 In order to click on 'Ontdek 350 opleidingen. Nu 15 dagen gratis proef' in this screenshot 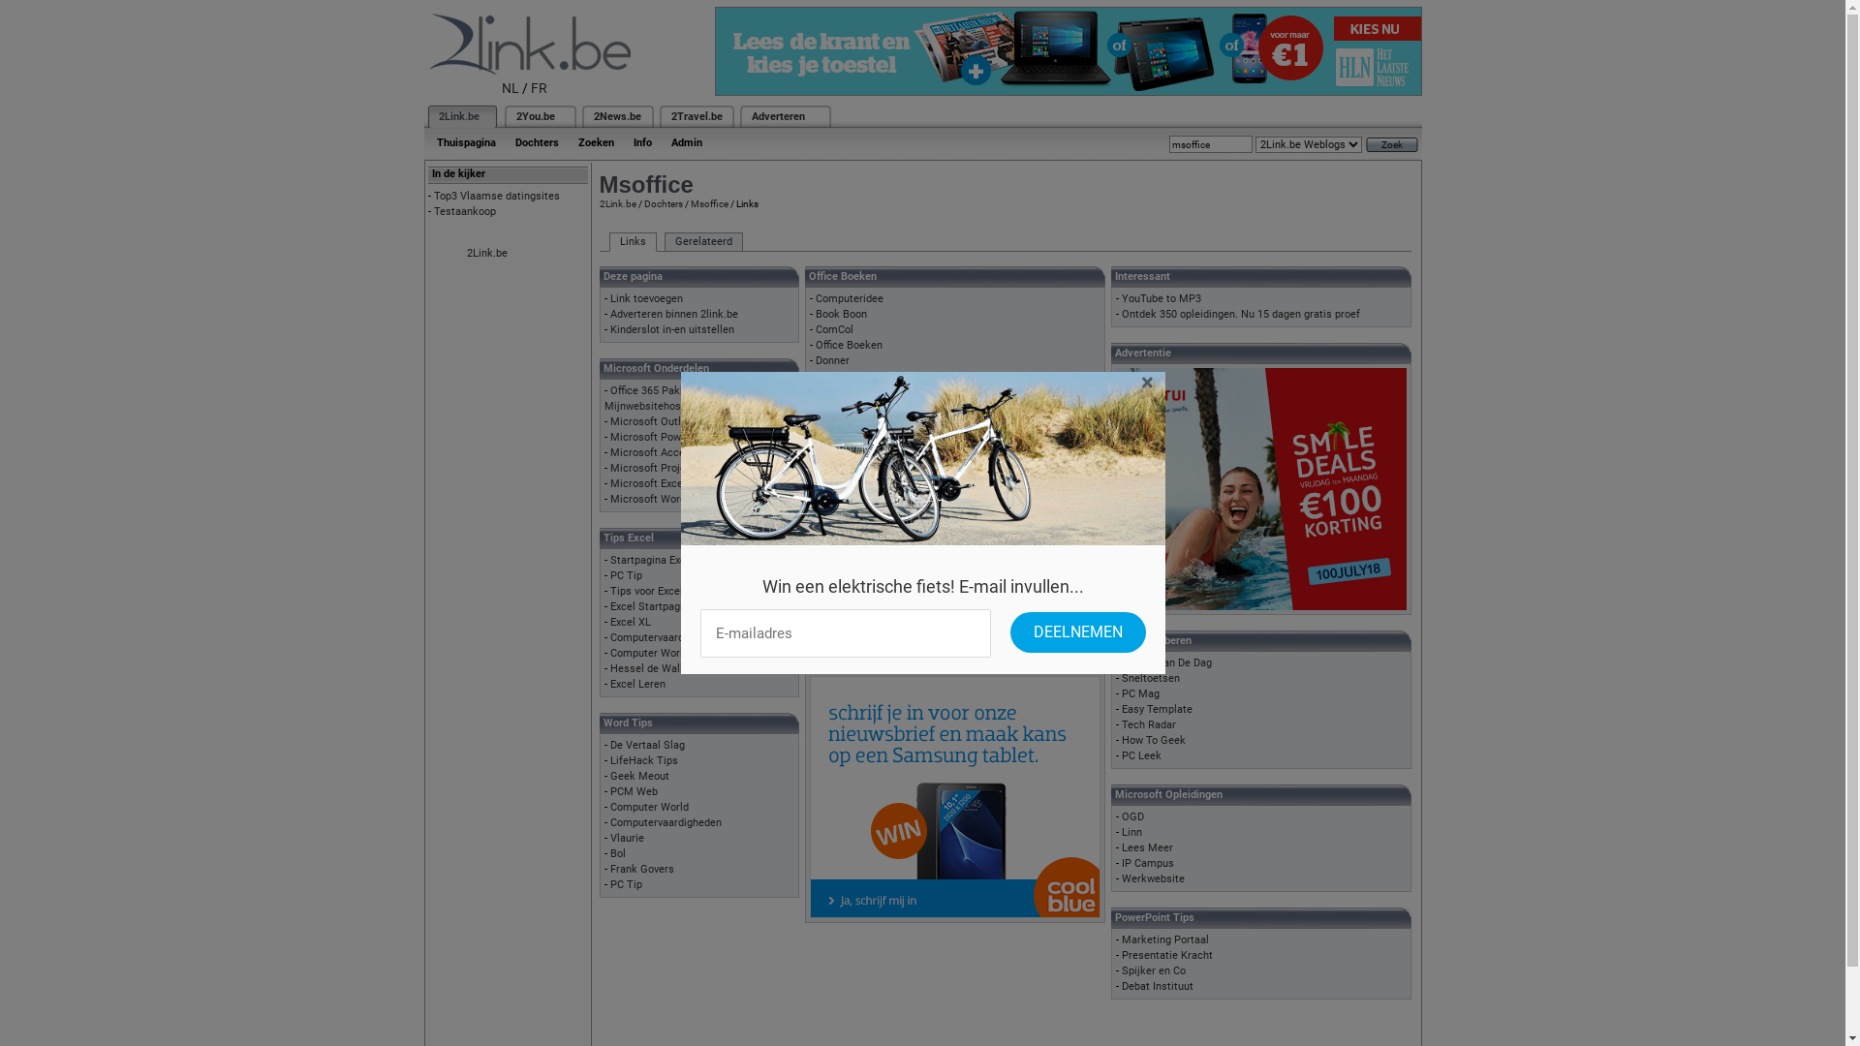, I will do `click(1241, 313)`.